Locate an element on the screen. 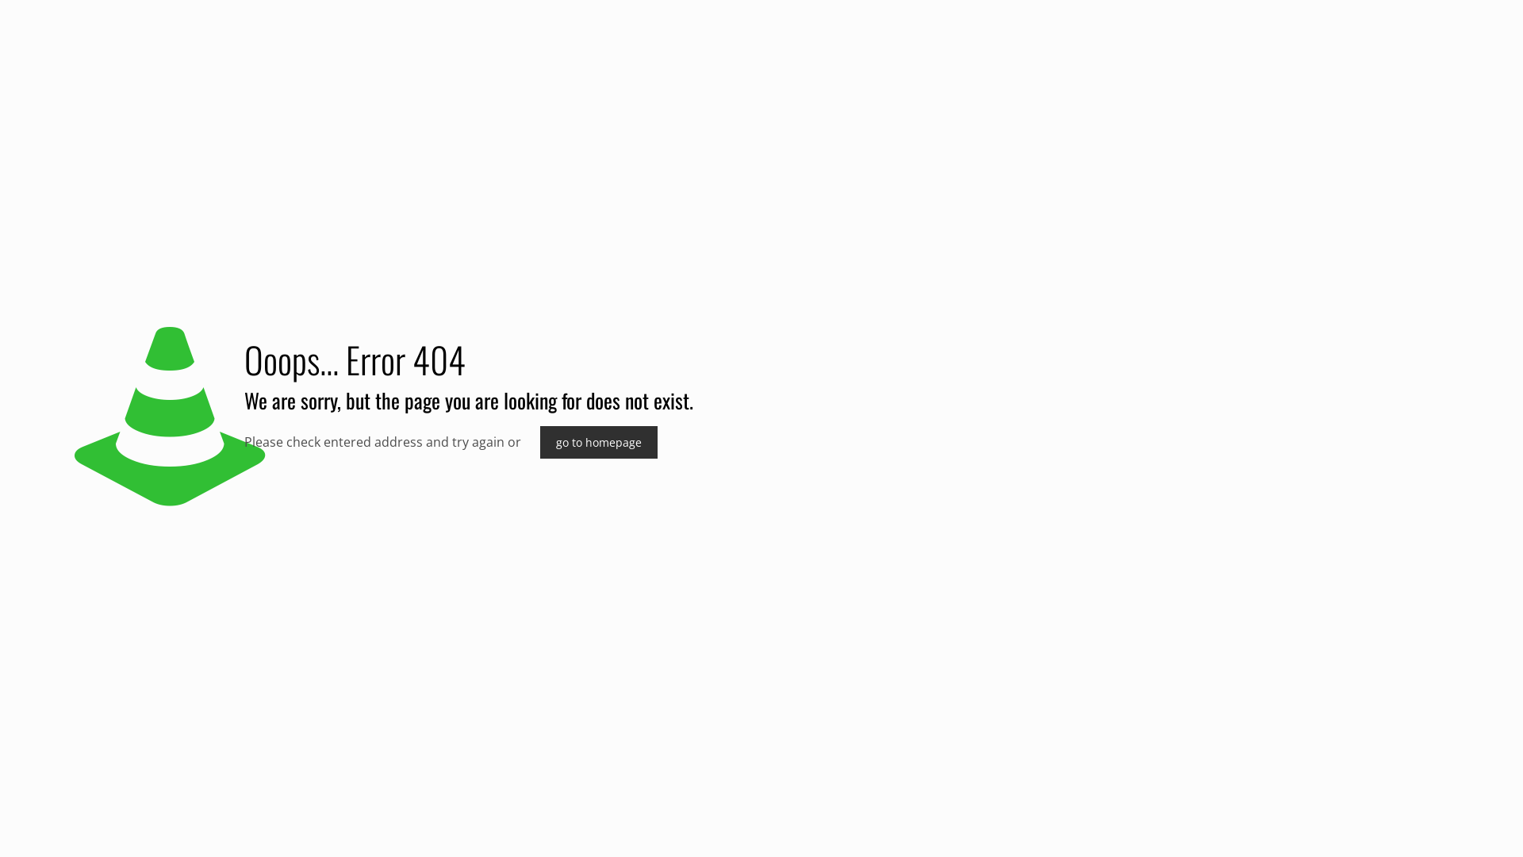  'go to homepage' is located at coordinates (597, 442).